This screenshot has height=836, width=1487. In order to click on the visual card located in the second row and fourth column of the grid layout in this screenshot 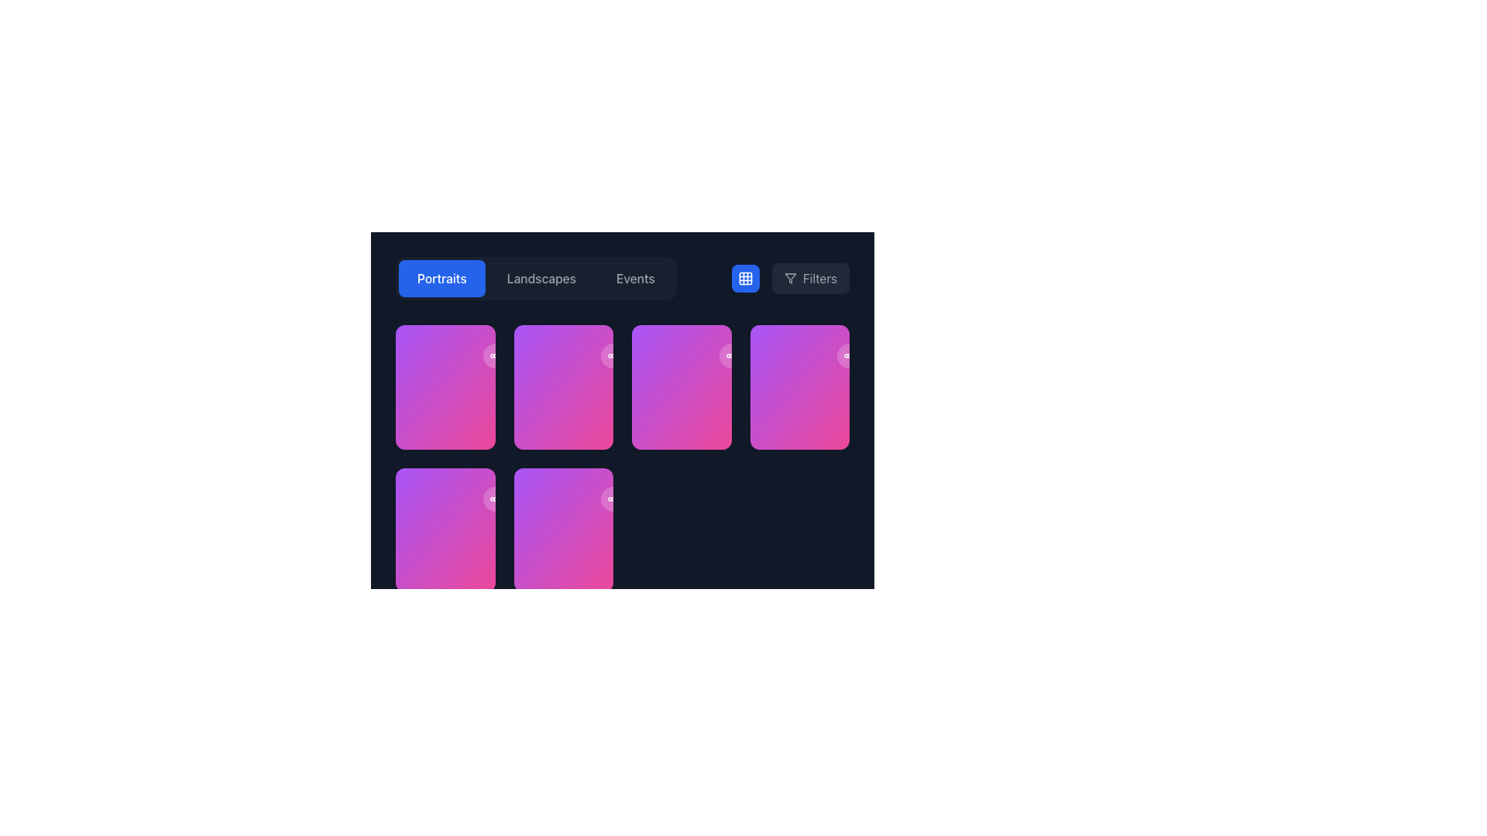, I will do `click(682, 386)`.